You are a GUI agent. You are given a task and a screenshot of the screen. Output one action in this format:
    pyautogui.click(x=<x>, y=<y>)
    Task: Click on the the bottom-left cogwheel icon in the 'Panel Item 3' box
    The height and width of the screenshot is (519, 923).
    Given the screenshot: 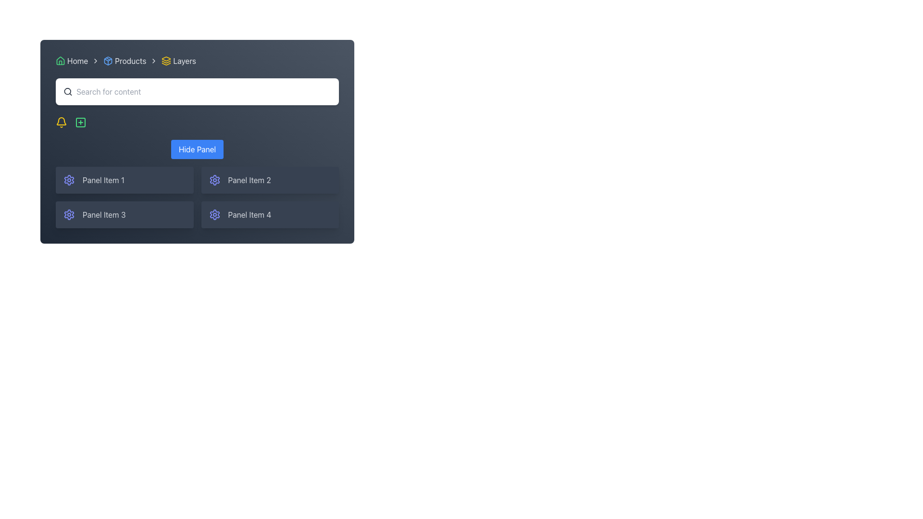 What is the action you would take?
    pyautogui.click(x=69, y=214)
    